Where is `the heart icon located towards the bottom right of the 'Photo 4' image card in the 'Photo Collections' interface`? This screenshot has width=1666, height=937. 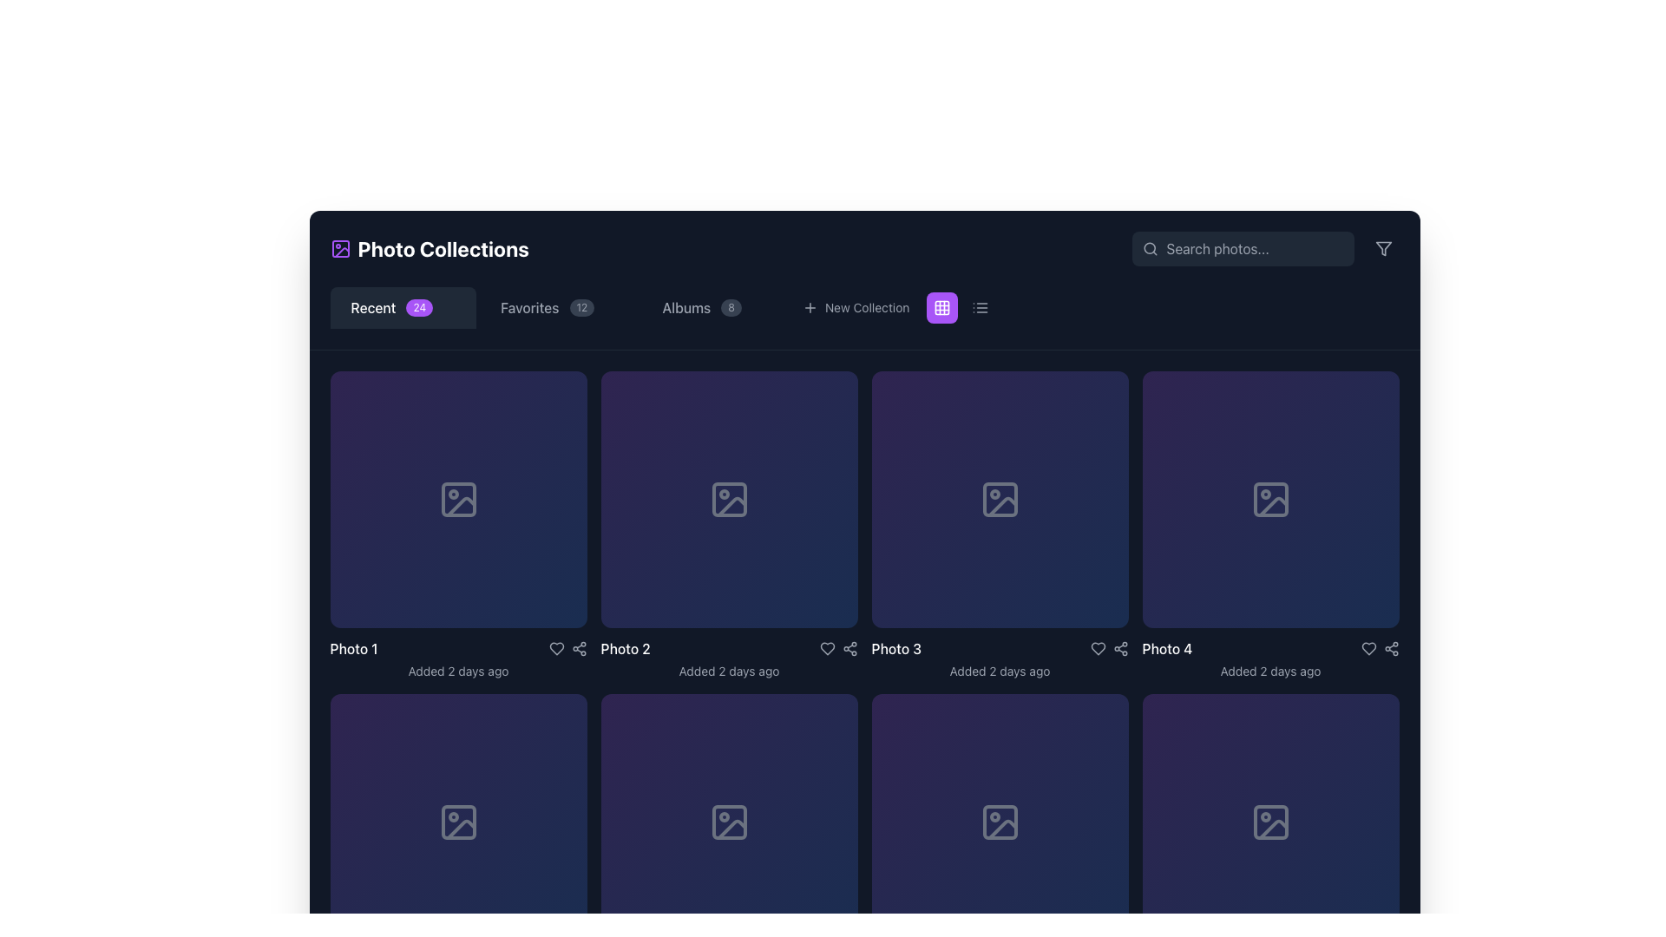
the heart icon located towards the bottom right of the 'Photo 4' image card in the 'Photo Collections' interface is located at coordinates (1368, 649).